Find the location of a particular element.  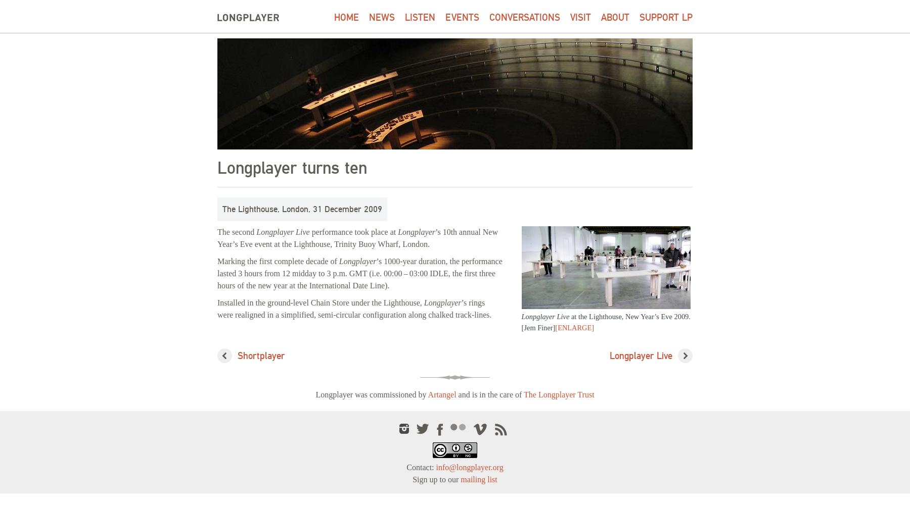

'Lonpglayer Live' is located at coordinates (545, 316).